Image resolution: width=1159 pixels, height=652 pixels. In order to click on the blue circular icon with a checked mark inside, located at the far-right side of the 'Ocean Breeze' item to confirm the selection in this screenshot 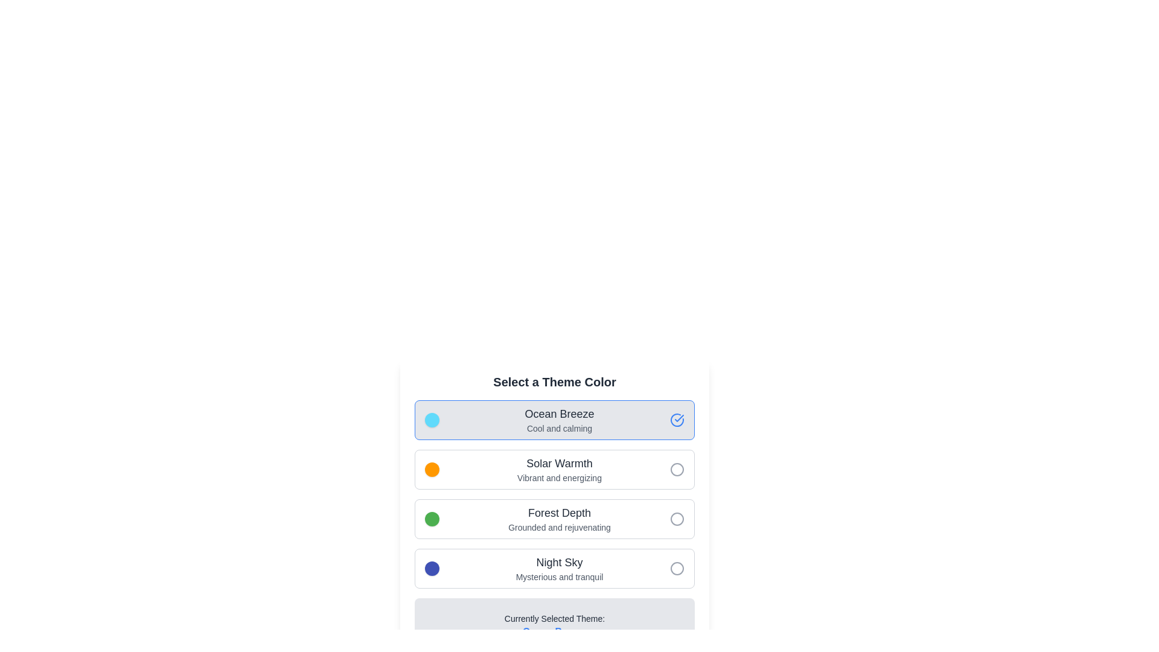, I will do `click(677, 419)`.